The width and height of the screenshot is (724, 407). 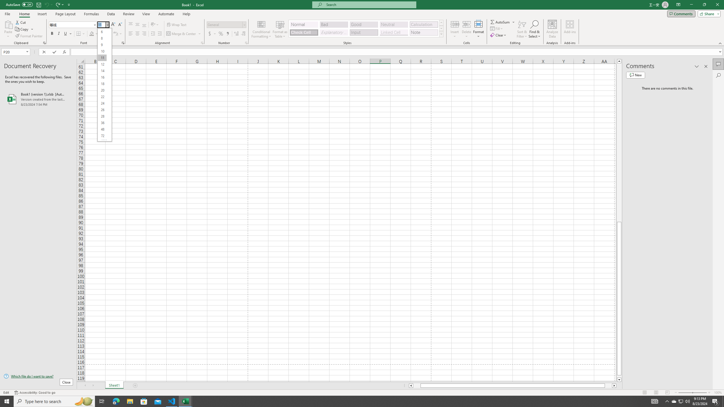 What do you see at coordinates (59, 4) in the screenshot?
I see `'Redo'` at bounding box center [59, 4].